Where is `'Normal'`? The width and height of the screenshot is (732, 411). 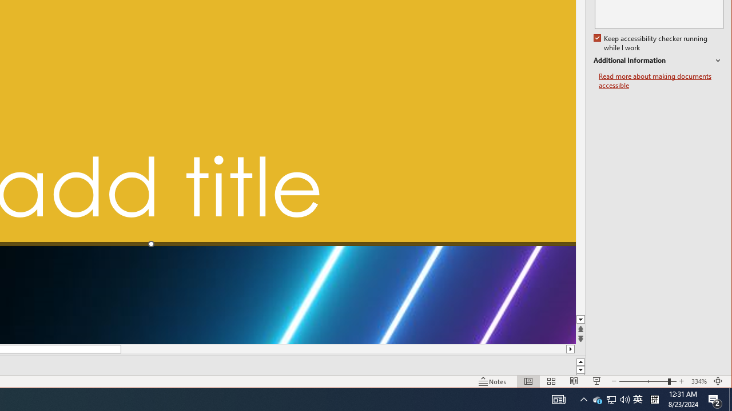
'Normal' is located at coordinates (528, 381).